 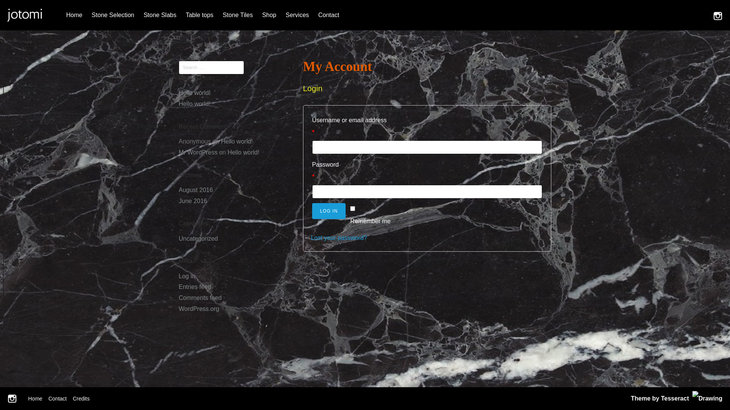 I want to click on 'Shop', so click(x=269, y=15).